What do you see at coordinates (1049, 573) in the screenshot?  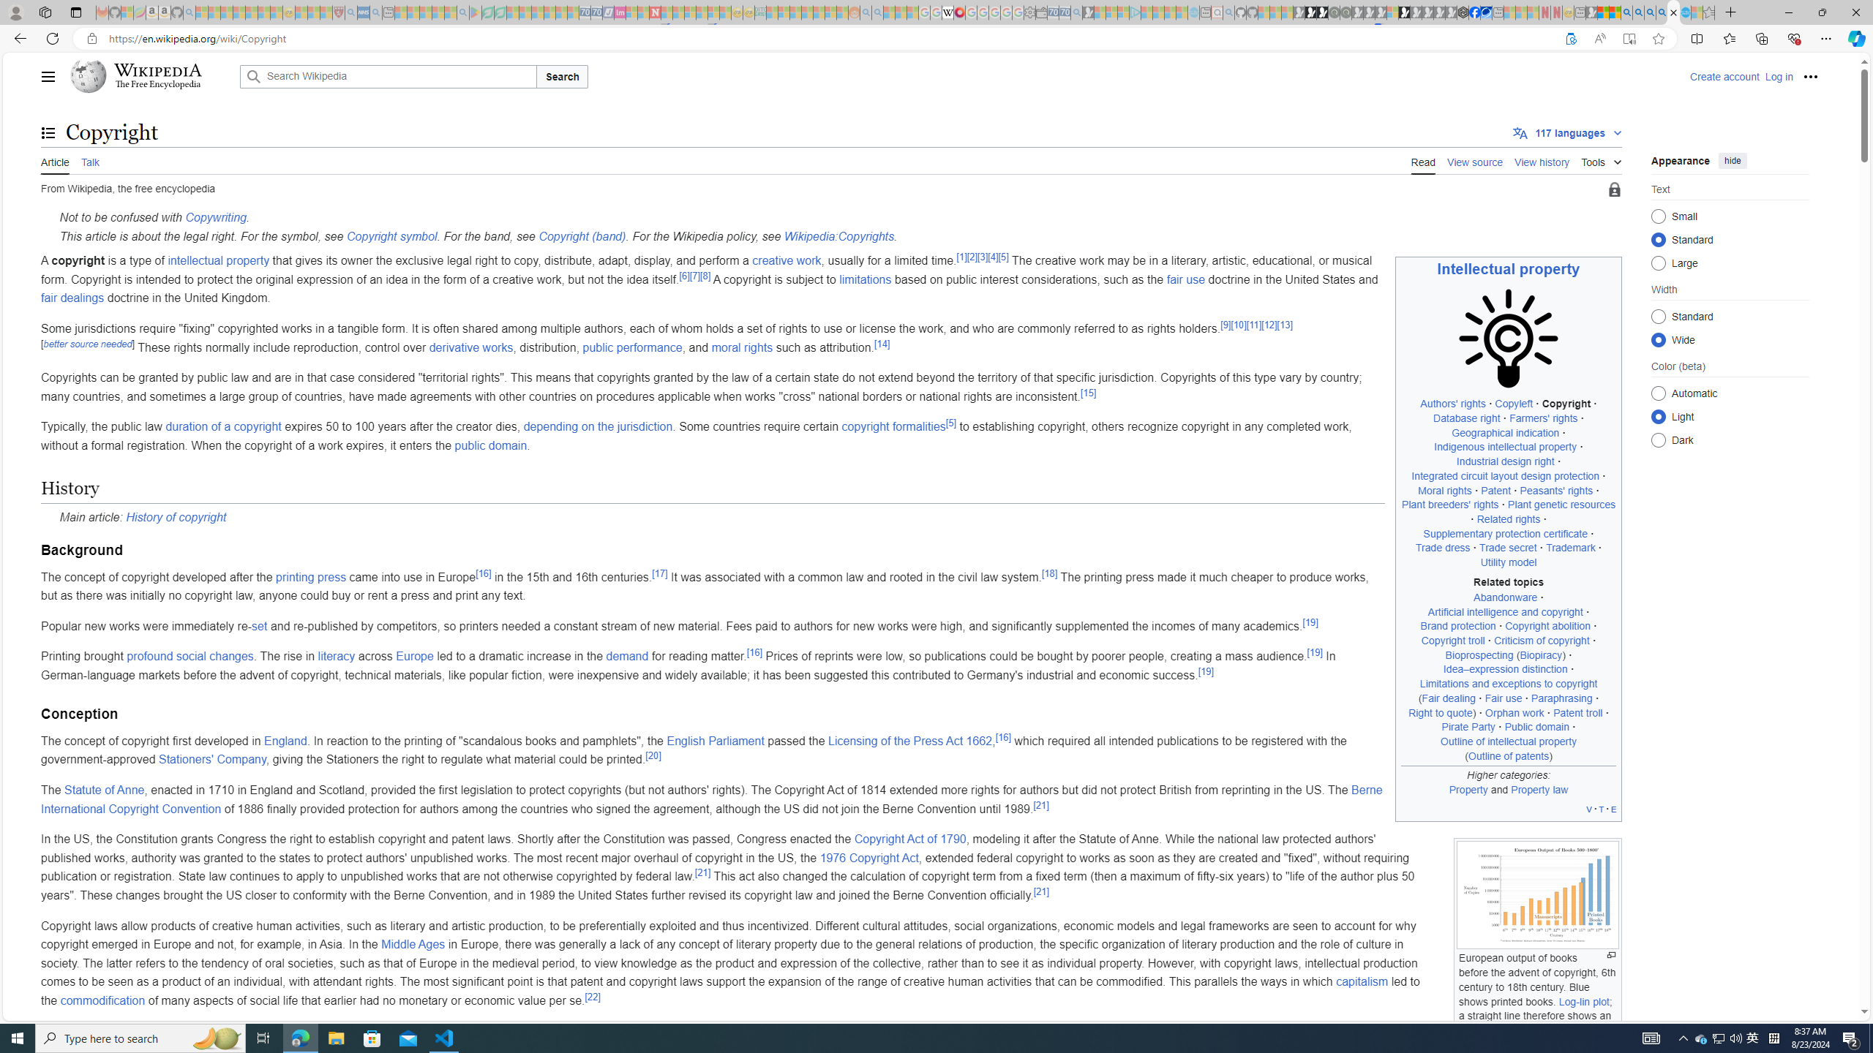 I see `'[18]'` at bounding box center [1049, 573].